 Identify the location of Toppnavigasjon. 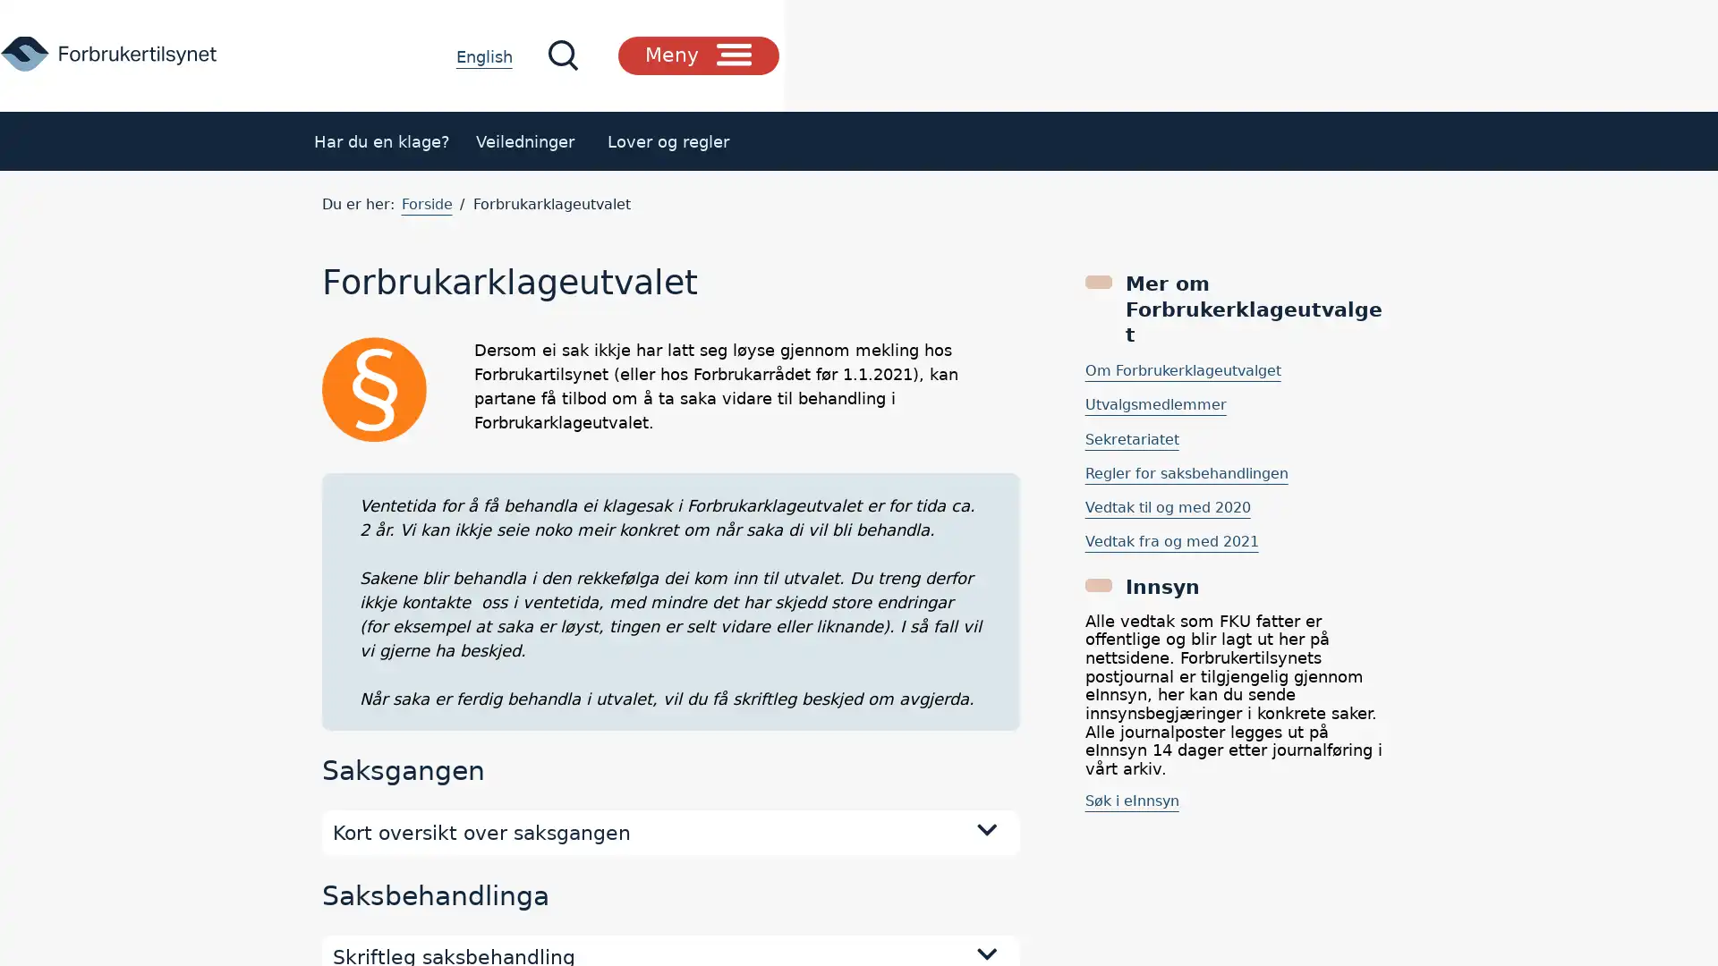
(1322, 54).